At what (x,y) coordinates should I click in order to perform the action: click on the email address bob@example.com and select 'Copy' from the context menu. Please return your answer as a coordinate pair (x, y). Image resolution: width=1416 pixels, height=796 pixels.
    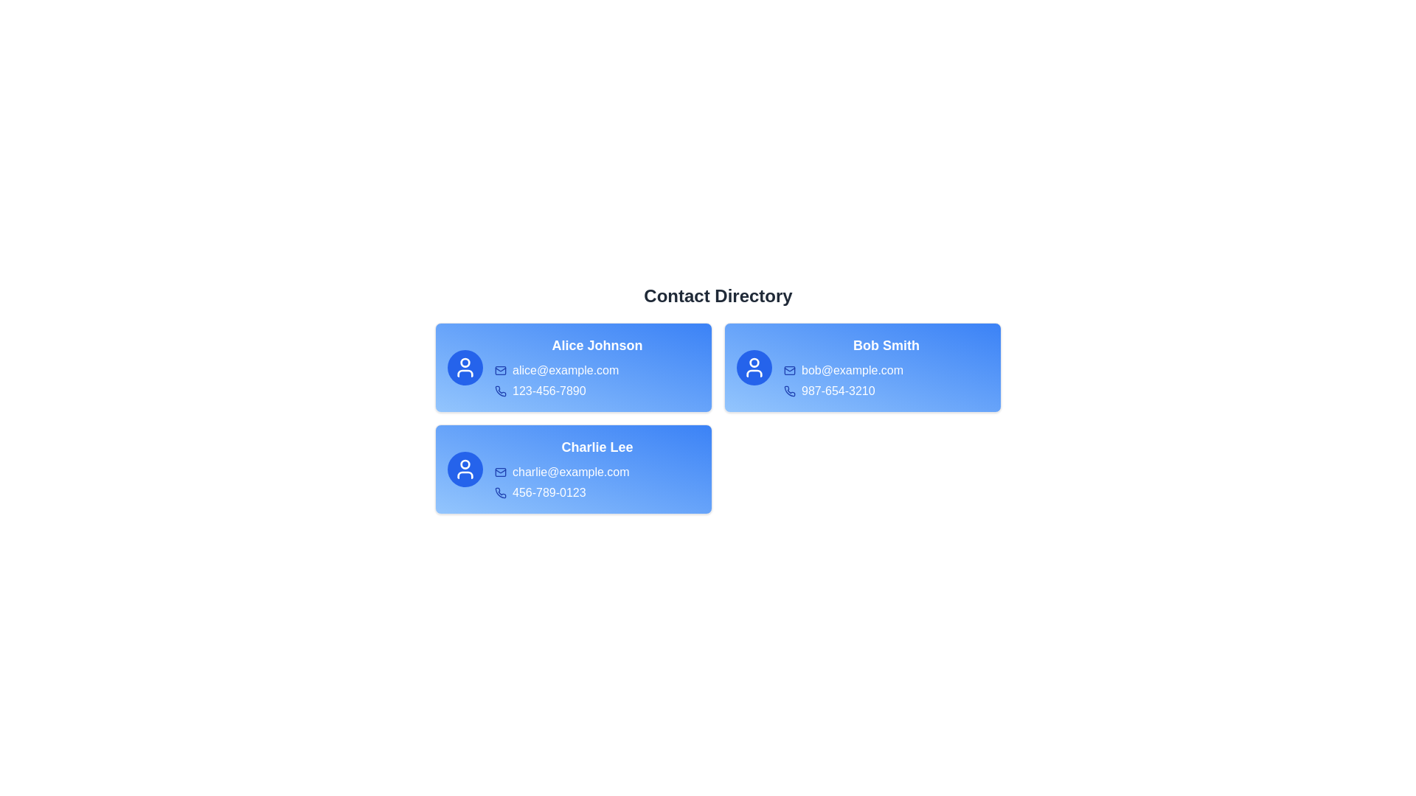
    Looking at the image, I should click on (885, 369).